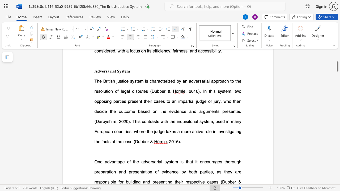  What do you see at coordinates (114, 181) in the screenshot?
I see `the space between the continuous character "l" and "e" in the text` at bounding box center [114, 181].